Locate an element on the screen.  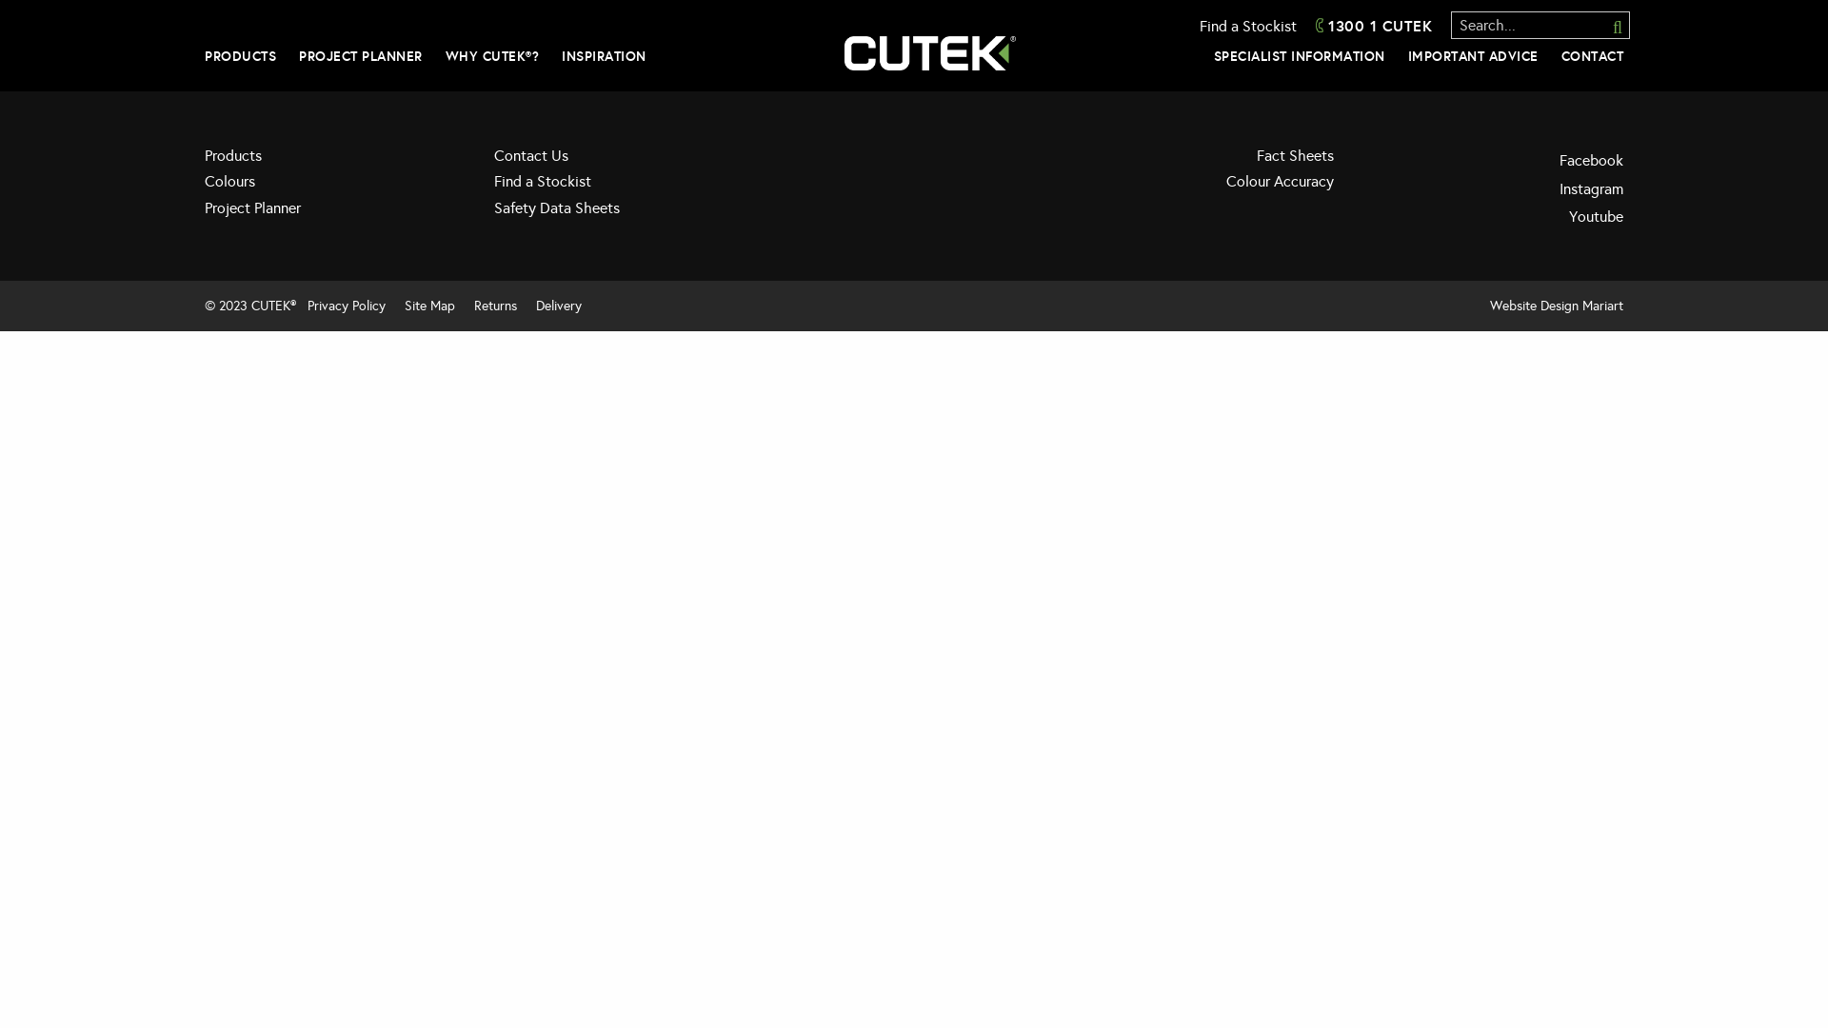
'Delivery' is located at coordinates (557, 305).